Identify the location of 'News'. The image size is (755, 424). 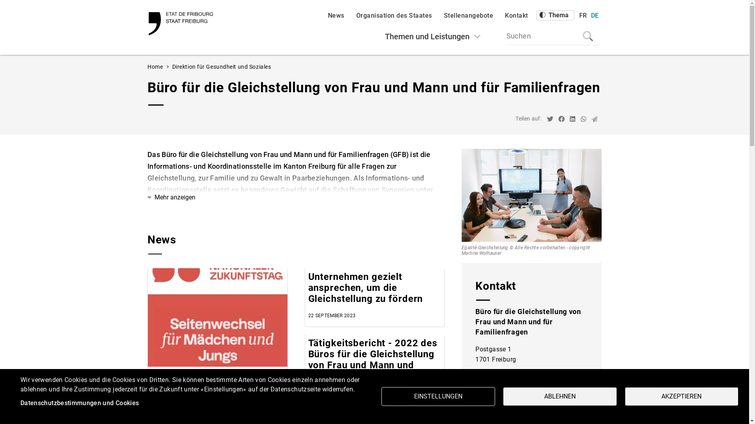
(336, 15).